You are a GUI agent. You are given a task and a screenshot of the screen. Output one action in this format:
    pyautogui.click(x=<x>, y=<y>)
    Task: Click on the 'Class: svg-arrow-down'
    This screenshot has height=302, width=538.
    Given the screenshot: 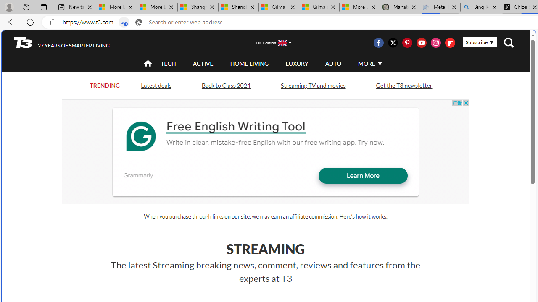 What is the action you would take?
    pyautogui.click(x=379, y=63)
    